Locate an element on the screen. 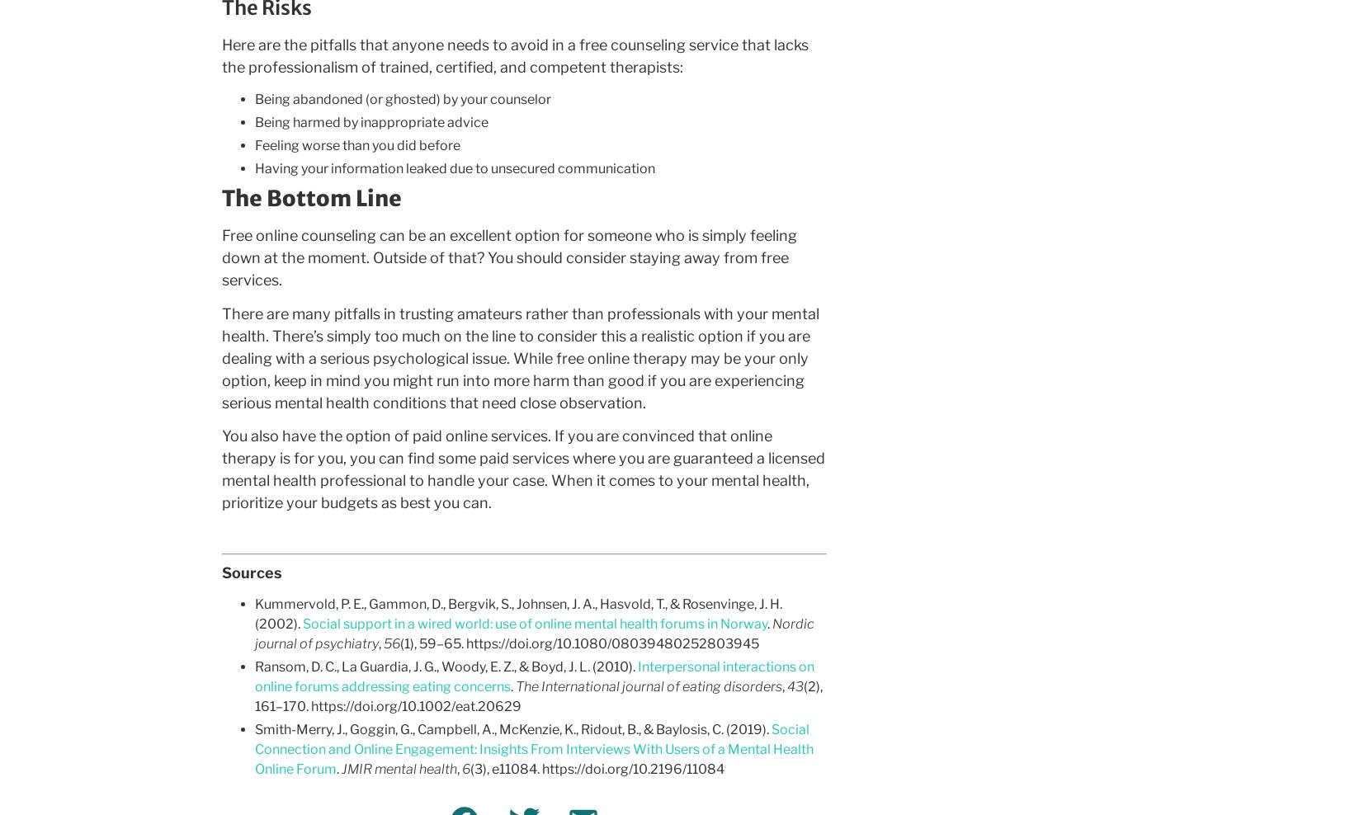 This screenshot has width=1364, height=815. '56' is located at coordinates (390, 643).